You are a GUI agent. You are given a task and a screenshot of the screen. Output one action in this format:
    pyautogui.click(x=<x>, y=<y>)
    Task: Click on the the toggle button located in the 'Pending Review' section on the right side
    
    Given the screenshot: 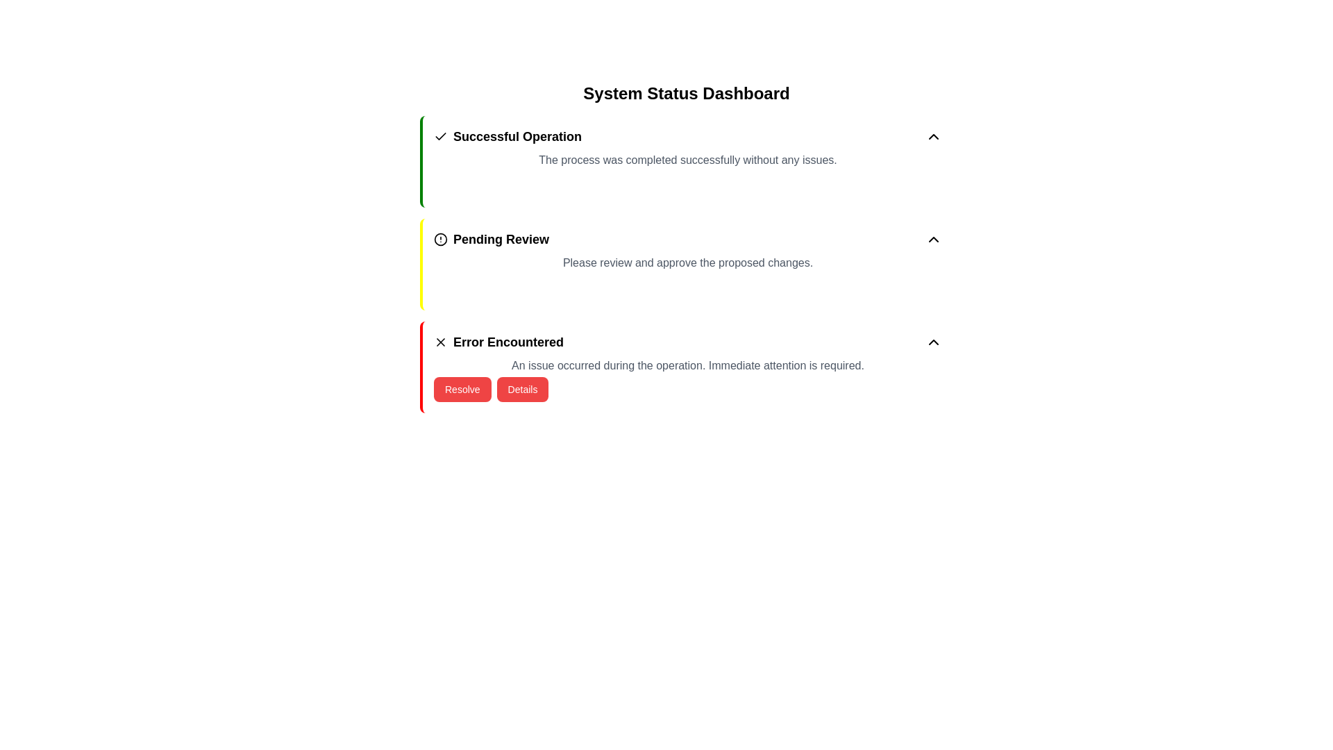 What is the action you would take?
    pyautogui.click(x=933, y=238)
    